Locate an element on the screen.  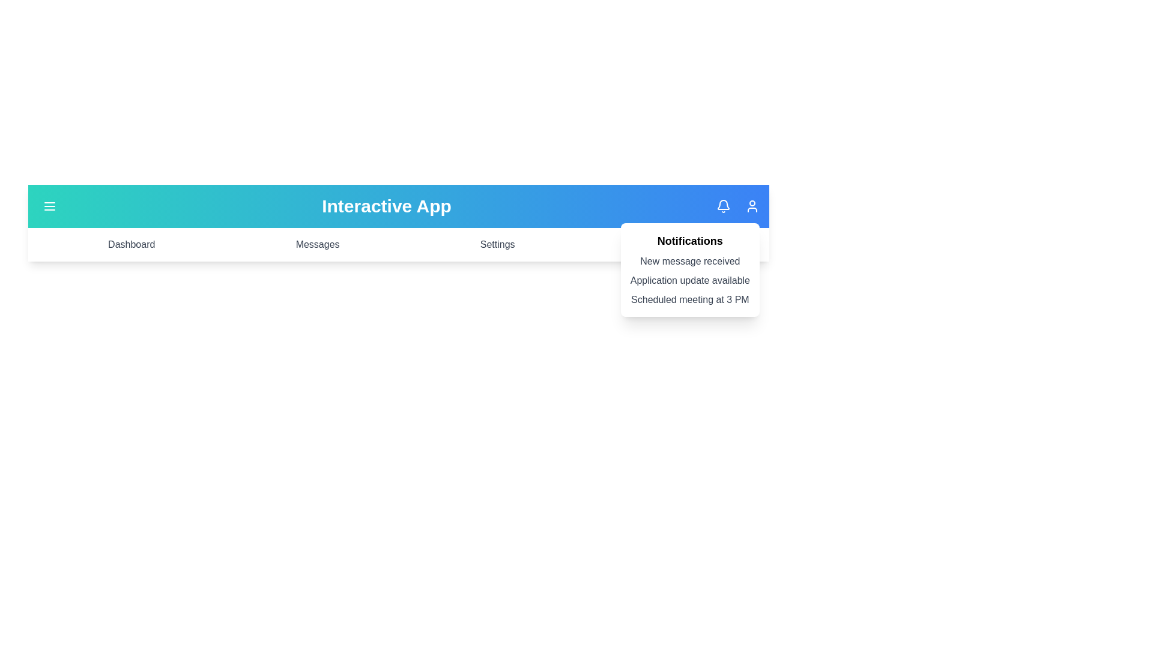
the bell icon to toggle the notifications panel is located at coordinates (722, 205).